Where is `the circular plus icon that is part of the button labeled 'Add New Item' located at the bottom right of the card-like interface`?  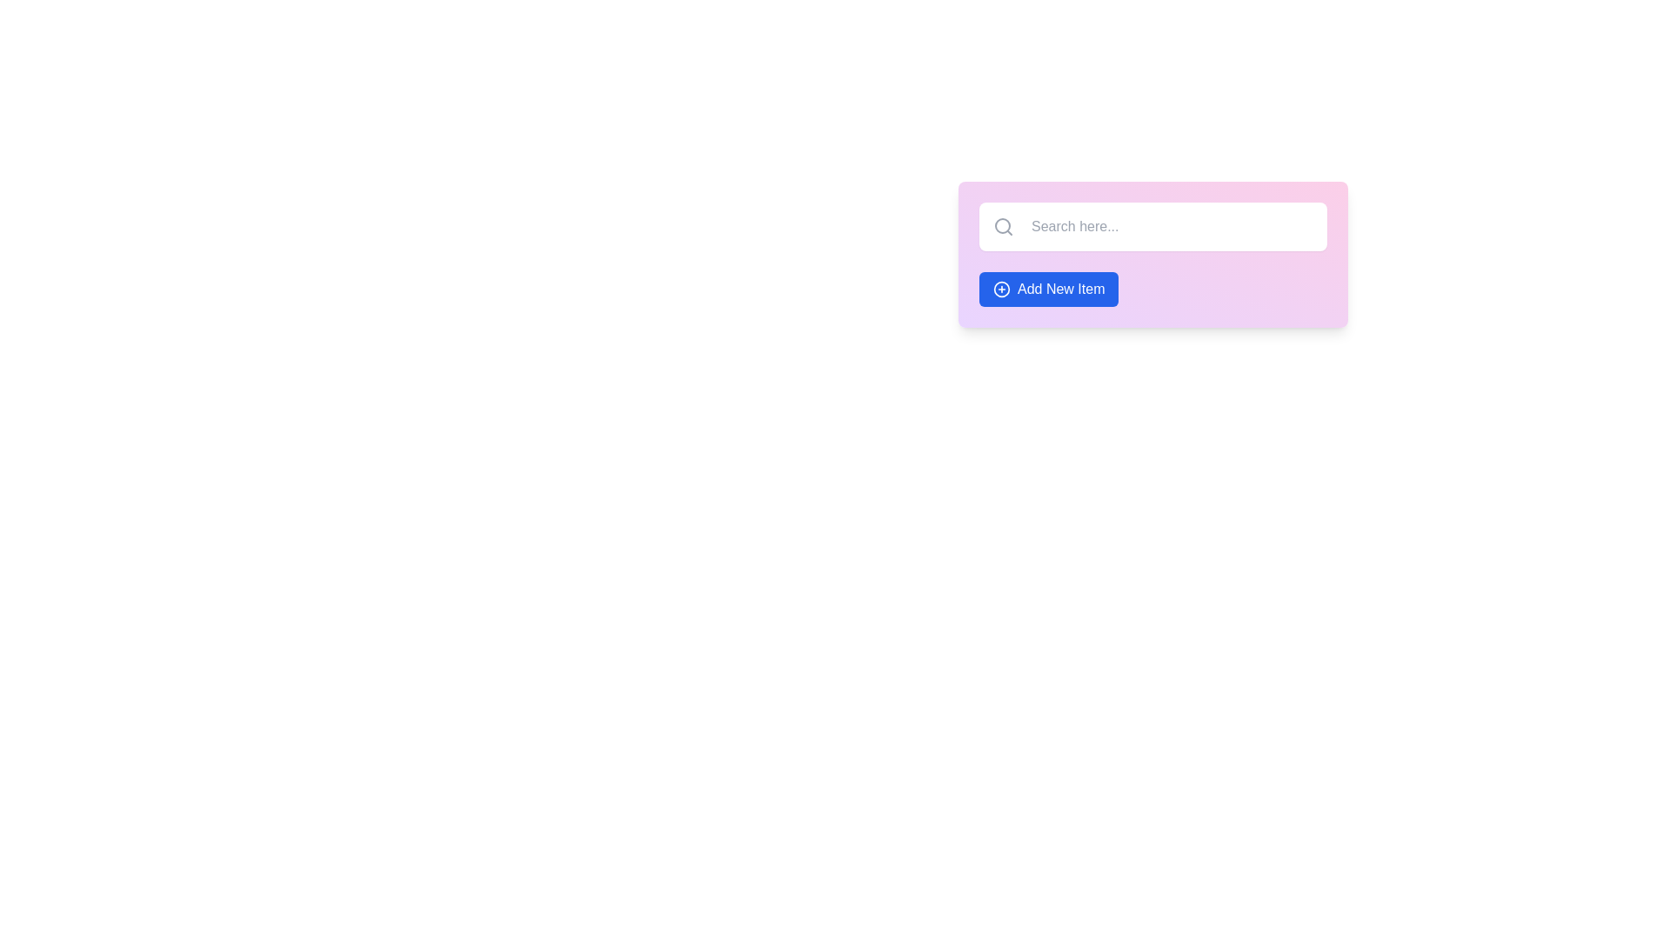 the circular plus icon that is part of the button labeled 'Add New Item' located at the bottom right of the card-like interface is located at coordinates (1002, 288).